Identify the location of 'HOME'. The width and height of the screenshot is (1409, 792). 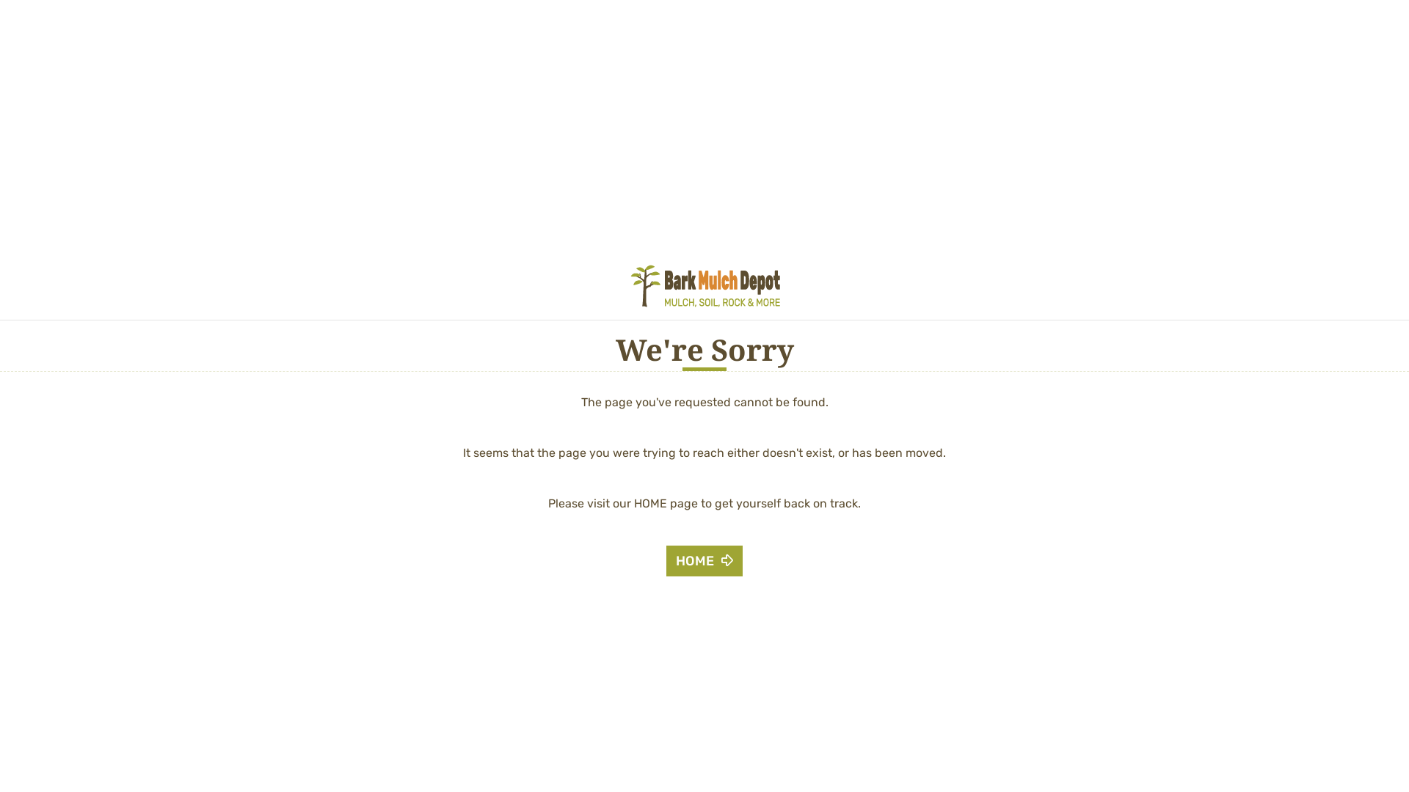
(665, 560).